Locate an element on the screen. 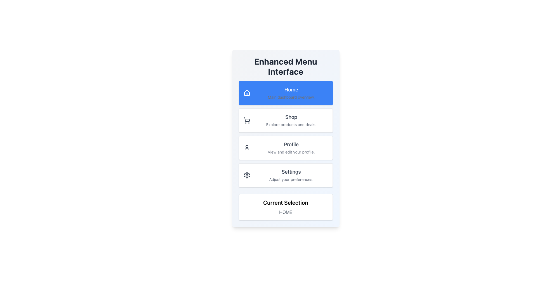 Image resolution: width=537 pixels, height=302 pixels. the descriptive text element that provides context for the 'Home' section of the navigation menu, which is positioned below the 'Home' text in a blue background section is located at coordinates (291, 97).